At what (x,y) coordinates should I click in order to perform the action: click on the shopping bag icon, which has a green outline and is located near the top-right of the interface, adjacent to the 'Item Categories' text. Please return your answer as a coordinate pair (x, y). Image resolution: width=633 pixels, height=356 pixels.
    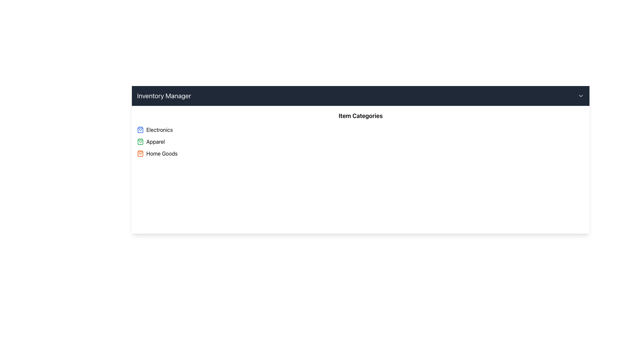
    Looking at the image, I should click on (140, 141).